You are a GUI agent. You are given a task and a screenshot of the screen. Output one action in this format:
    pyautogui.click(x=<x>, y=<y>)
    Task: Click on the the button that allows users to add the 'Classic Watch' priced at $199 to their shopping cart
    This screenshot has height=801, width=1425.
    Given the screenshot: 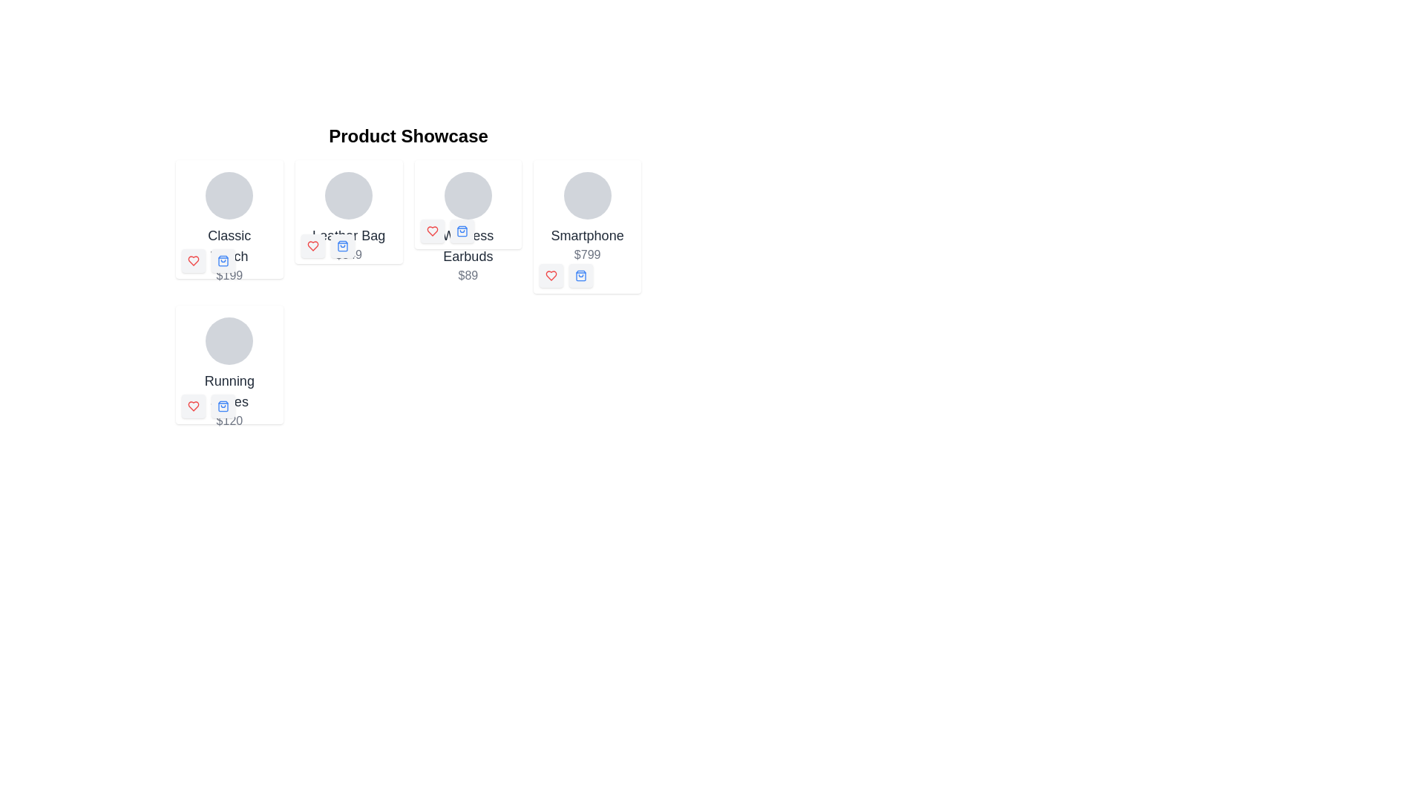 What is the action you would take?
    pyautogui.click(x=223, y=260)
    